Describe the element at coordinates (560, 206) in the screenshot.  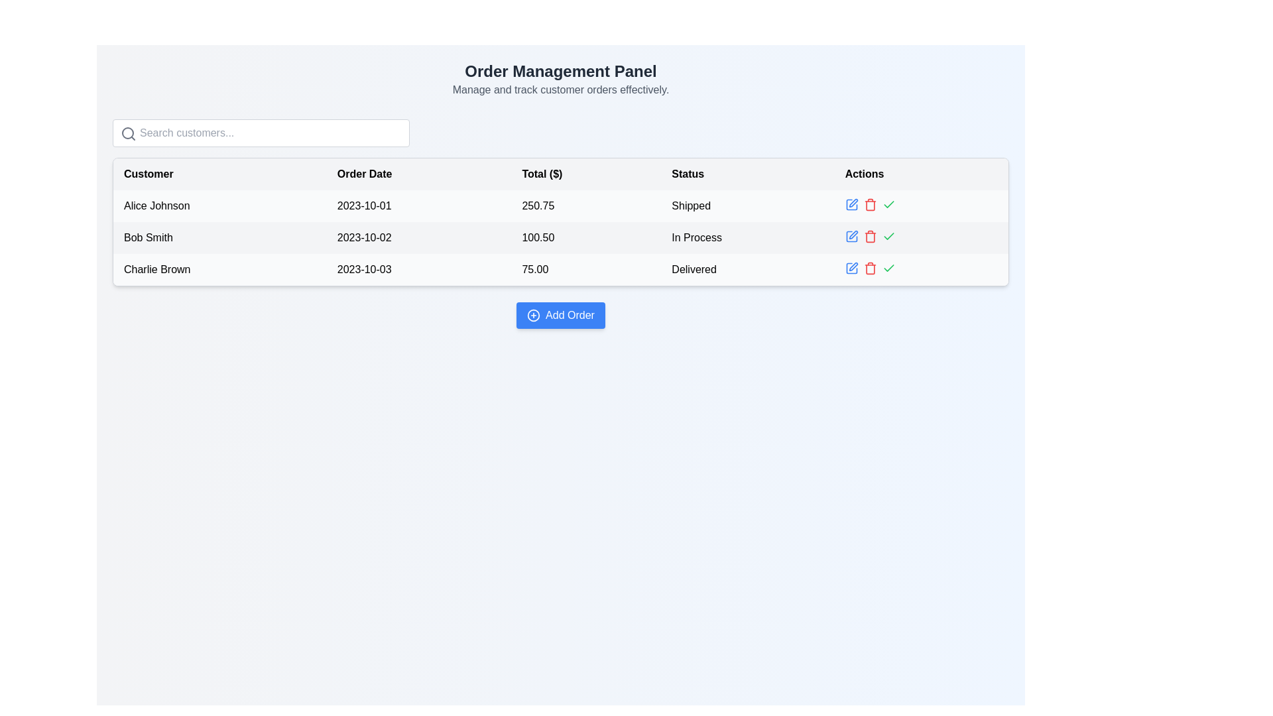
I see `the individual elements within the first row of the data grid, which contains details such as name, date, monetary value, and status` at that location.